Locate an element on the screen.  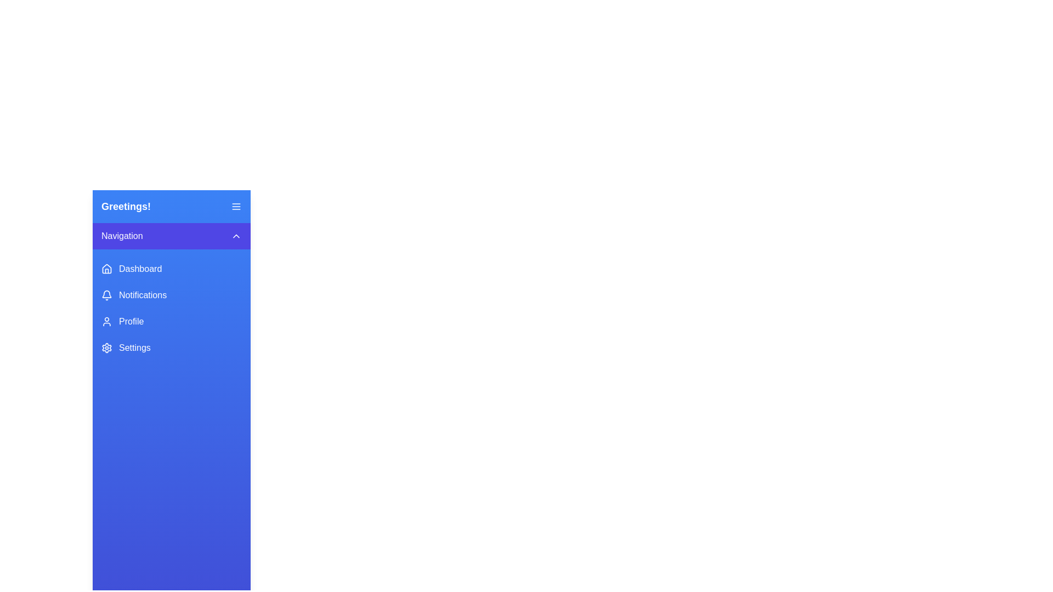
the 'Profile' text label in the vertical navigation menu, which is visually aligned to the right of the user icon is located at coordinates (131, 321).